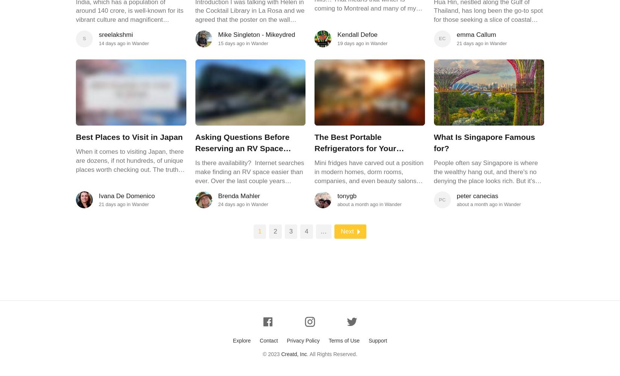  Describe the element at coordinates (242, 148) in the screenshot. I see `'Asking Questions Before Reserving an RV Space Saves Headaches'` at that location.